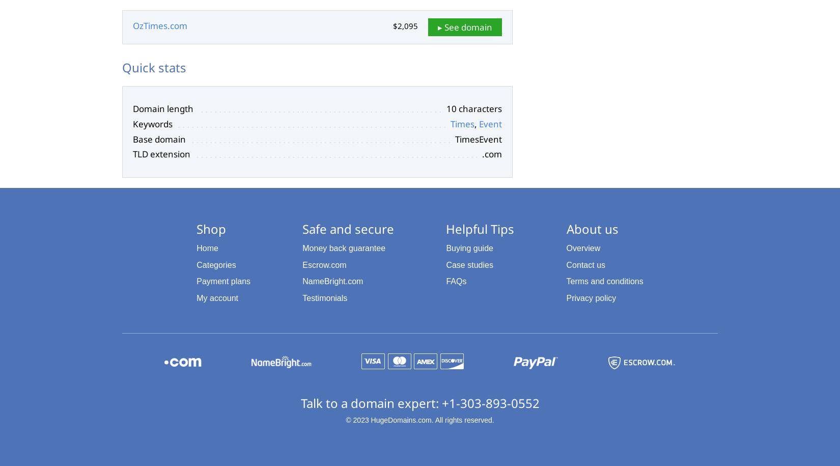  I want to click on 'TLD extension', so click(161, 153).